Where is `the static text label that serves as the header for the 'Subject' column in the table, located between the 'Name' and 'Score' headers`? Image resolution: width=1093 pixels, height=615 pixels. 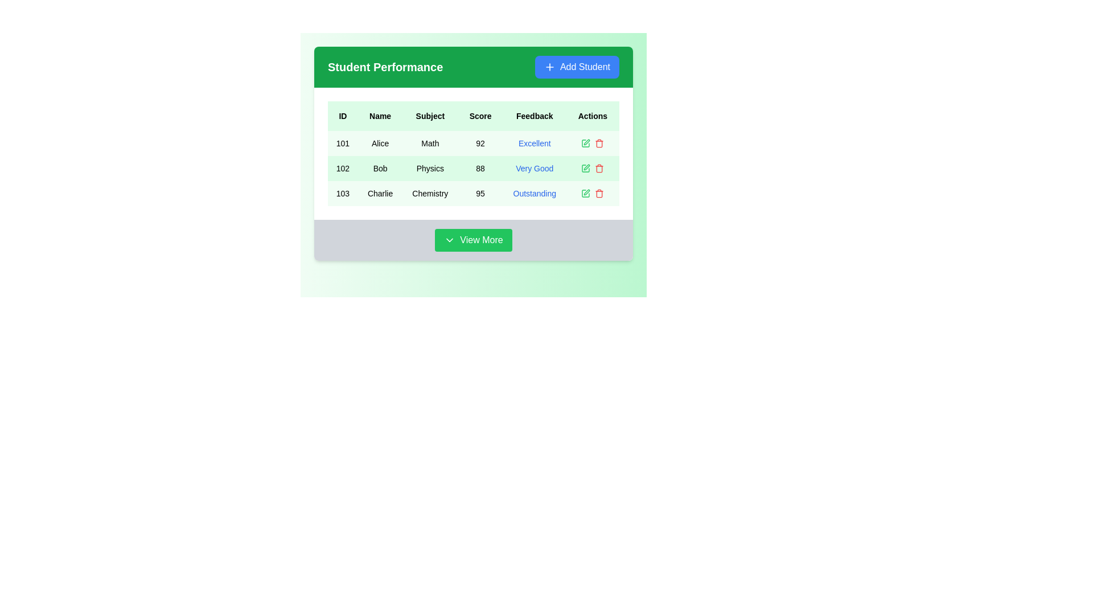
the static text label that serves as the header for the 'Subject' column in the table, located between the 'Name' and 'Score' headers is located at coordinates (429, 116).